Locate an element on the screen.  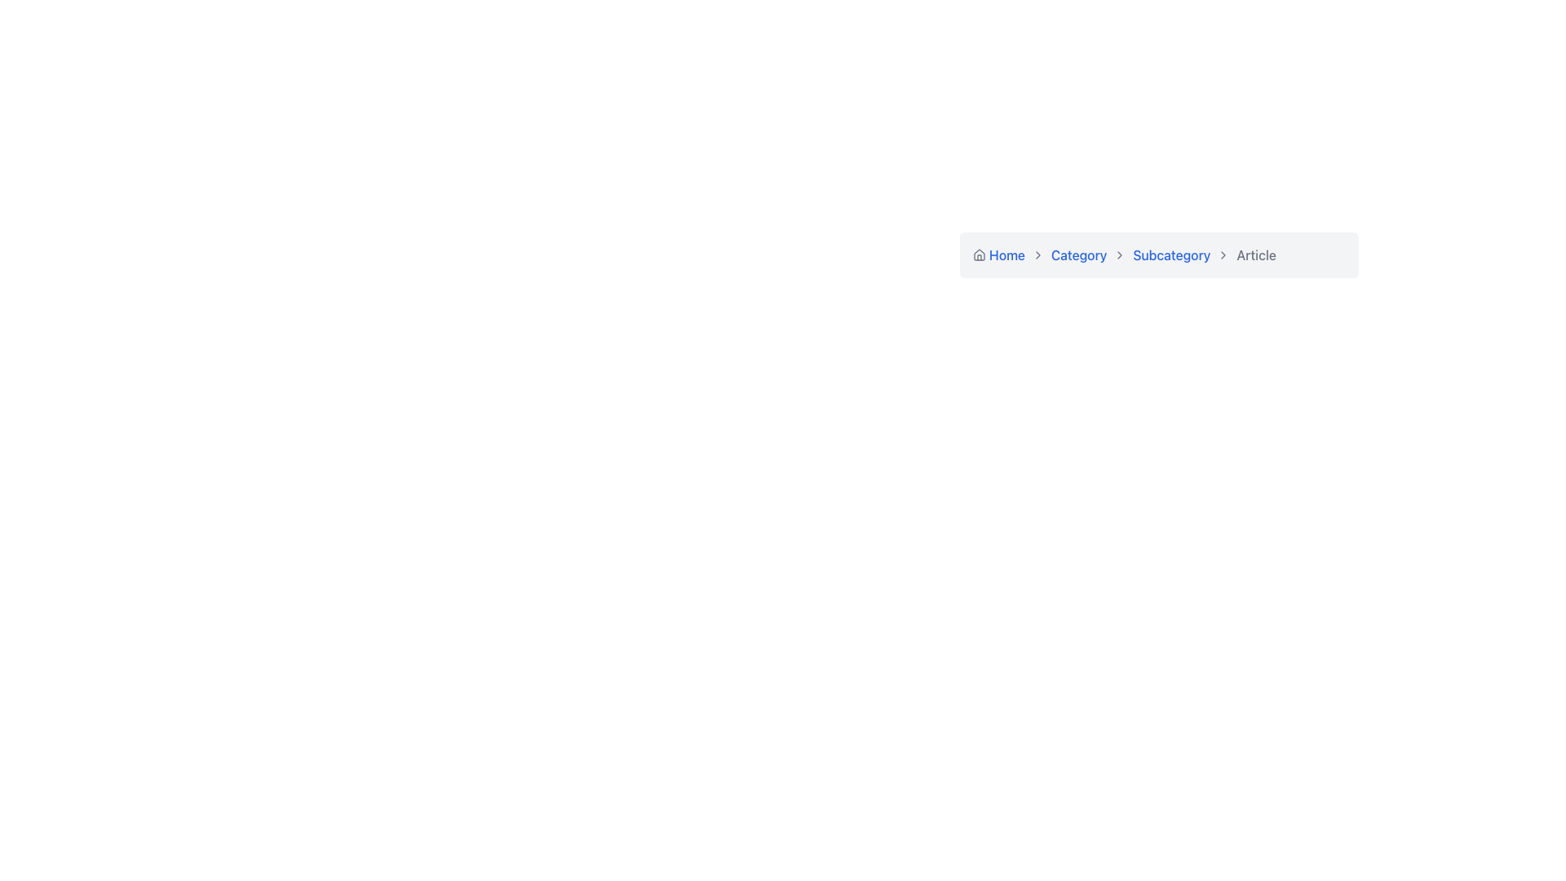
the separator icon in the breadcrumb navigation that indicates the transition between 'Category' and 'Subcategory' is located at coordinates (1119, 255).